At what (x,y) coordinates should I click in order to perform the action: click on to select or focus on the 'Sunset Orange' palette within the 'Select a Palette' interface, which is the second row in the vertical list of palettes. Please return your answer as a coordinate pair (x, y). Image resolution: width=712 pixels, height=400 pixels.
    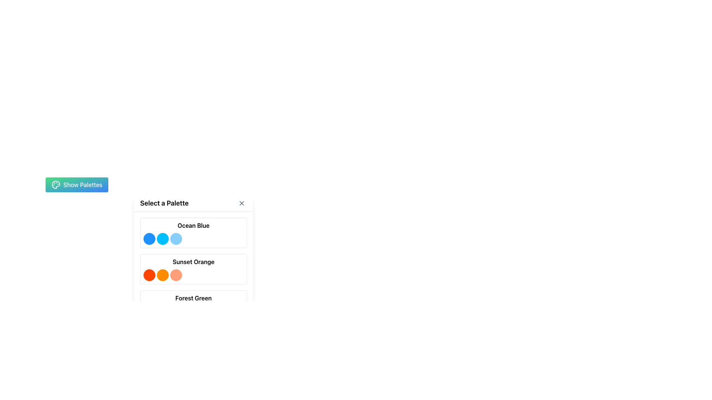
    Looking at the image, I should click on (194, 269).